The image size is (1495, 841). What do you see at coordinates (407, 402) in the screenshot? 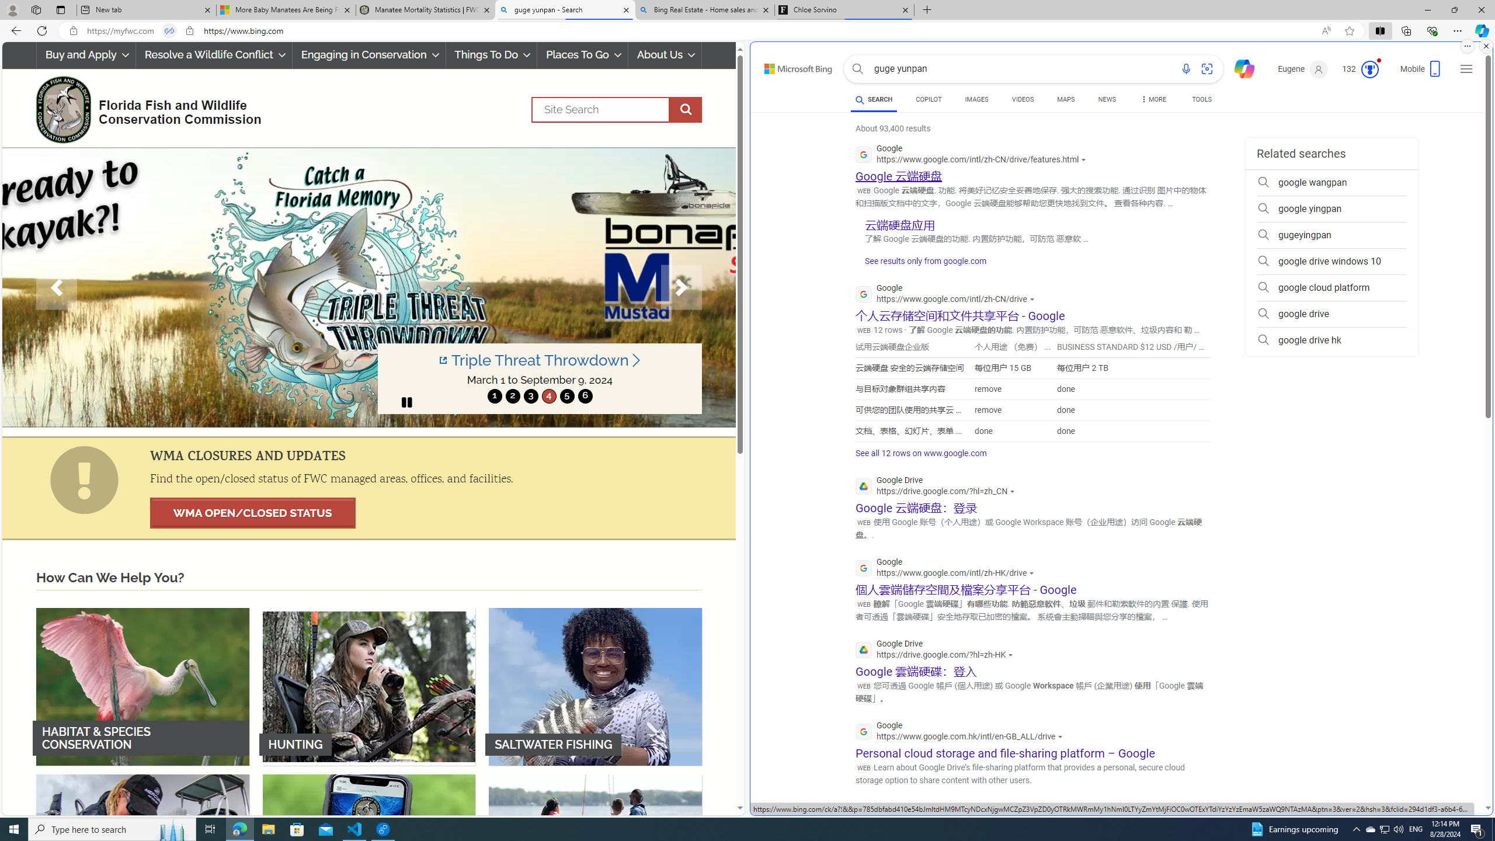
I see `'slider pause button'` at bounding box center [407, 402].